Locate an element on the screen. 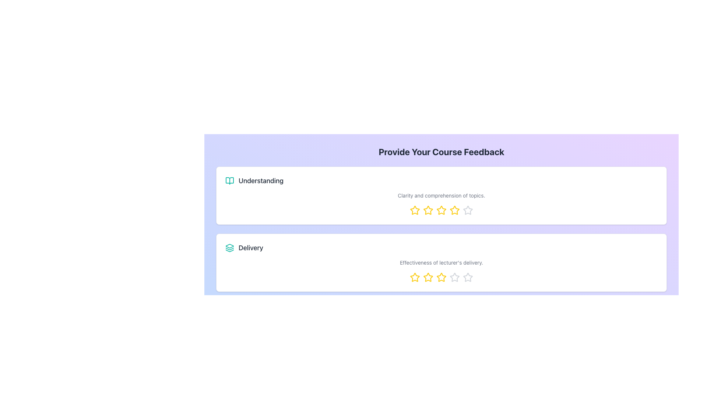 This screenshot has width=707, height=398. the third star in the sequence of five star icons to provide a rating for the 'Delivery' category is located at coordinates (428, 277).